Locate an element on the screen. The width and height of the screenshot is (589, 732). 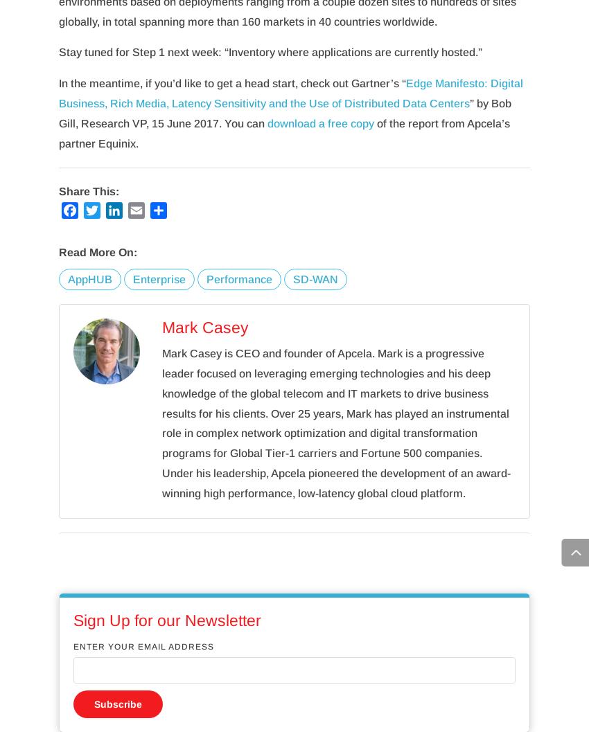
'SD-WAN' is located at coordinates (292, 278).